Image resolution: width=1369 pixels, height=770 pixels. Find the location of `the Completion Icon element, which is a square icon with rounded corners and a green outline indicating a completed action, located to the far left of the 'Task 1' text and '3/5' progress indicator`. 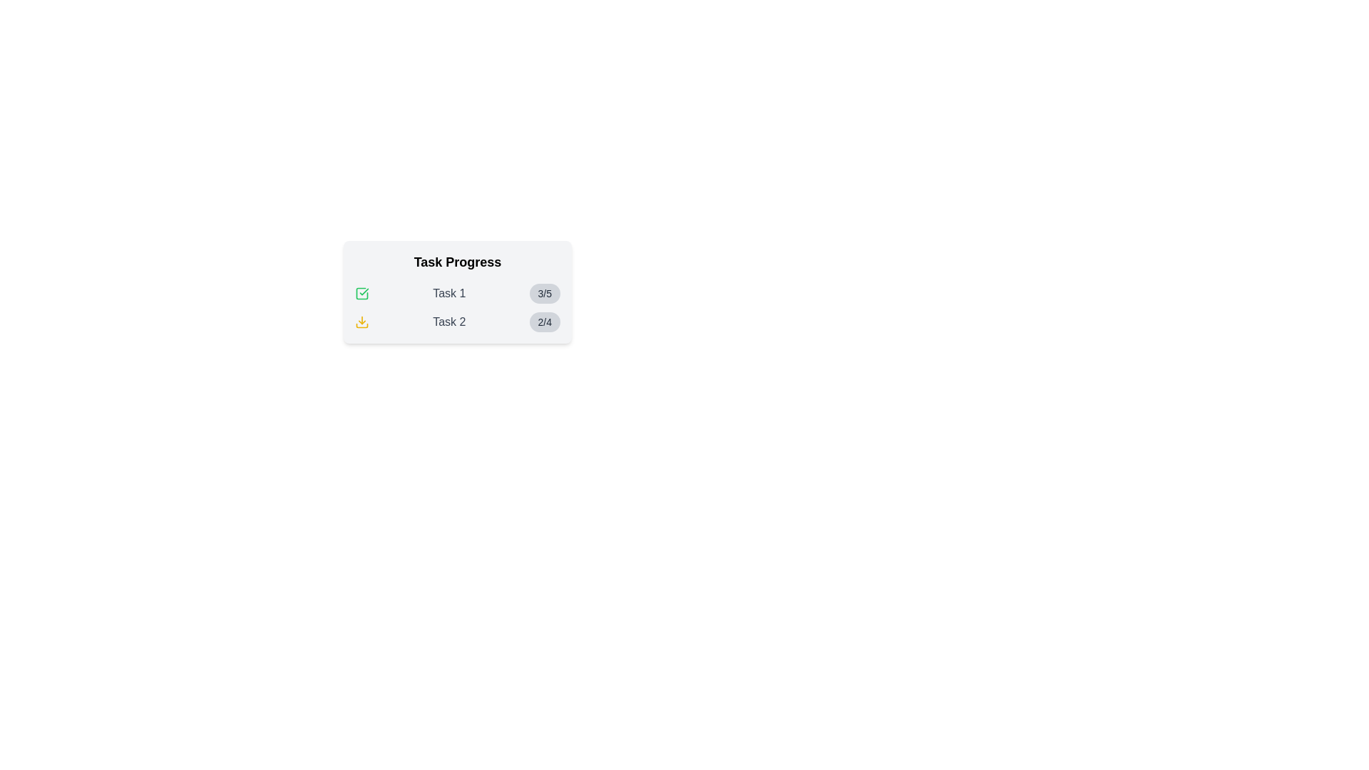

the Completion Icon element, which is a square icon with rounded corners and a green outline indicating a completed action, located to the far left of the 'Task 1' text and '3/5' progress indicator is located at coordinates (362, 293).